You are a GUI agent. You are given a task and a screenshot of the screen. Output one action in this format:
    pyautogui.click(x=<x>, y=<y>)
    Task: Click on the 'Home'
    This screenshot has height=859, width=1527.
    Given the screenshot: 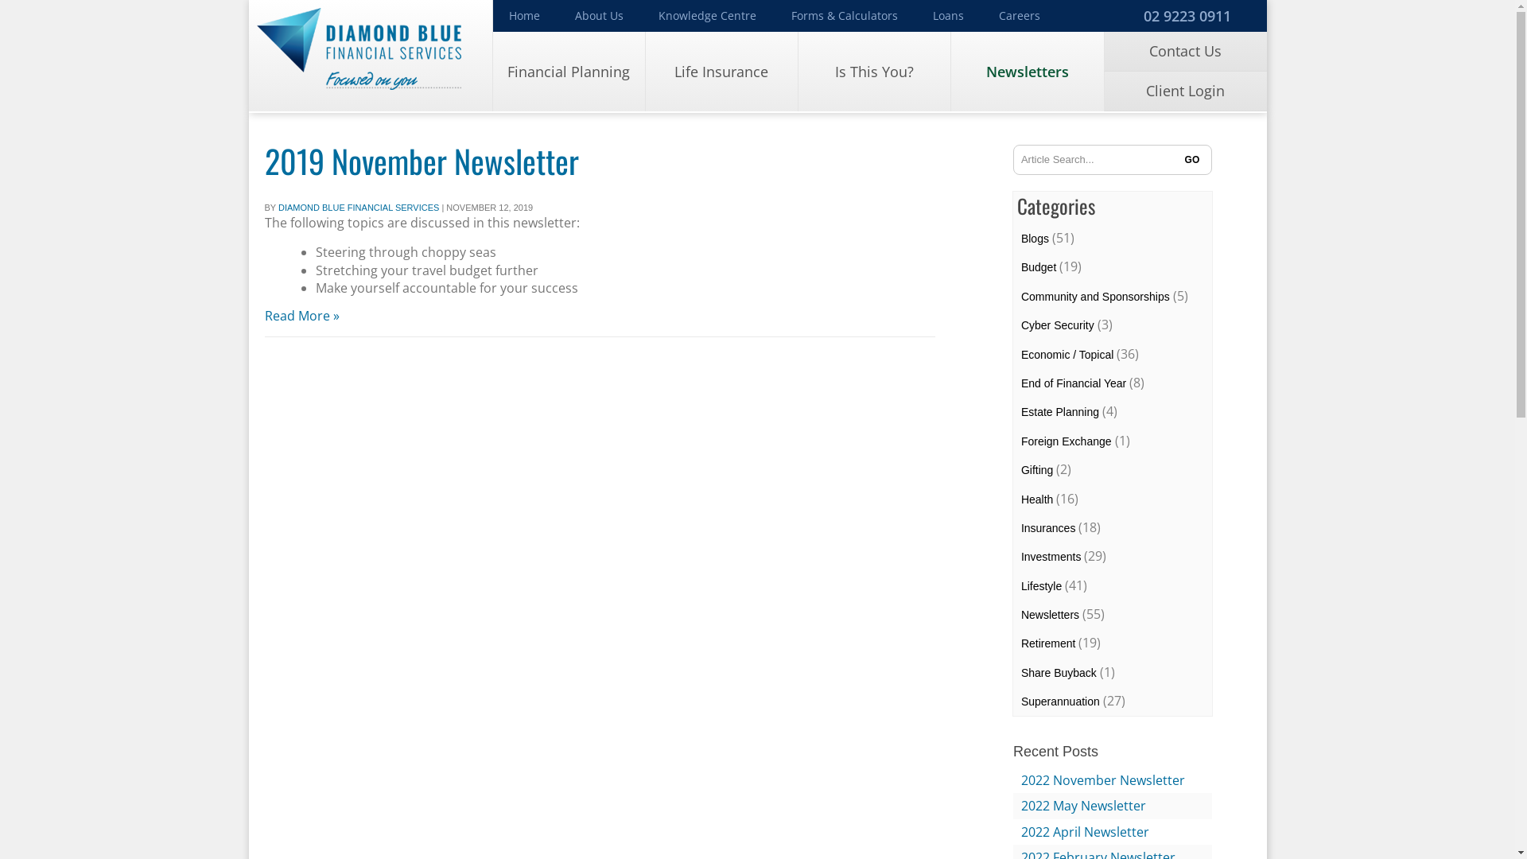 What is the action you would take?
    pyautogui.click(x=524, y=15)
    